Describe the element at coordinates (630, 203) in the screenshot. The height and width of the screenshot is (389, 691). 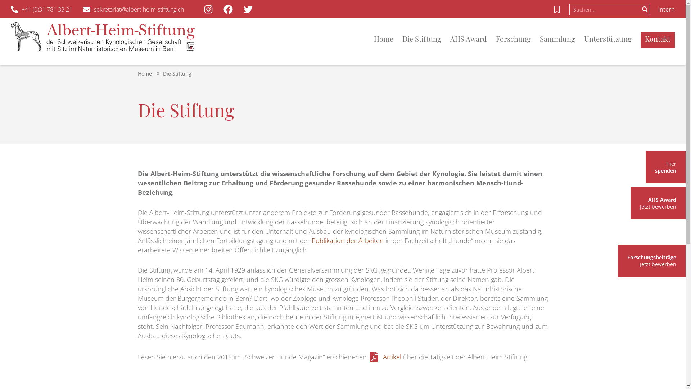
I see `'AHS Award` at that location.